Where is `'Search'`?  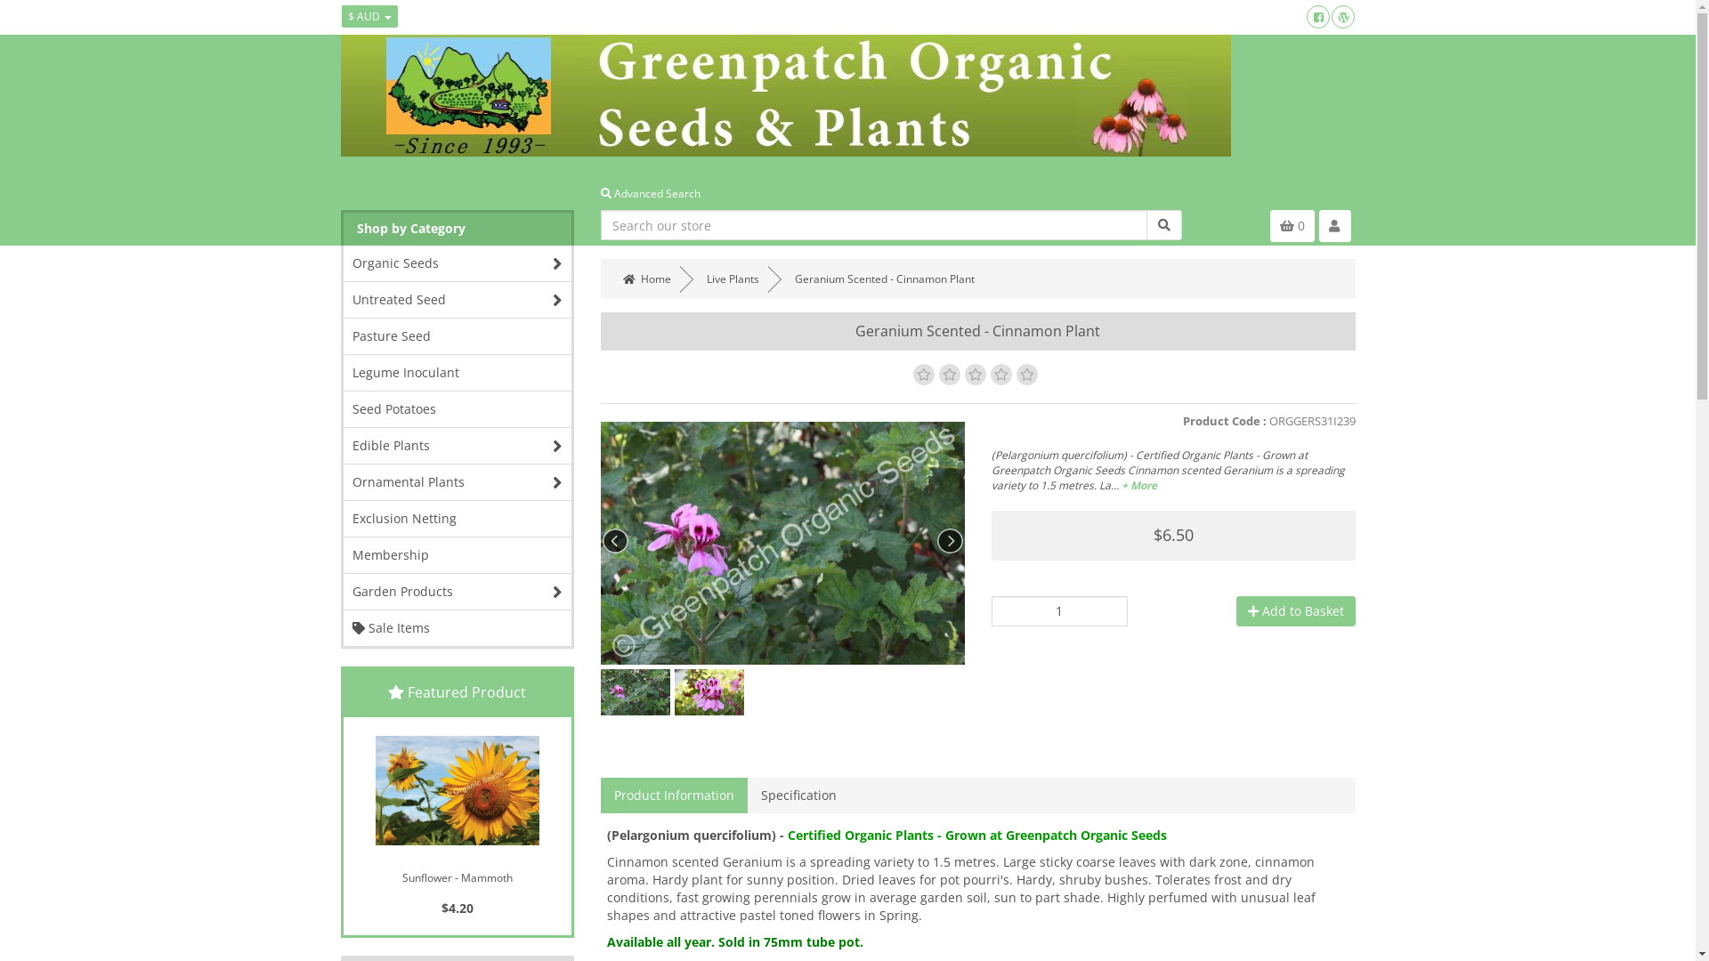 'Search' is located at coordinates (1163, 224).